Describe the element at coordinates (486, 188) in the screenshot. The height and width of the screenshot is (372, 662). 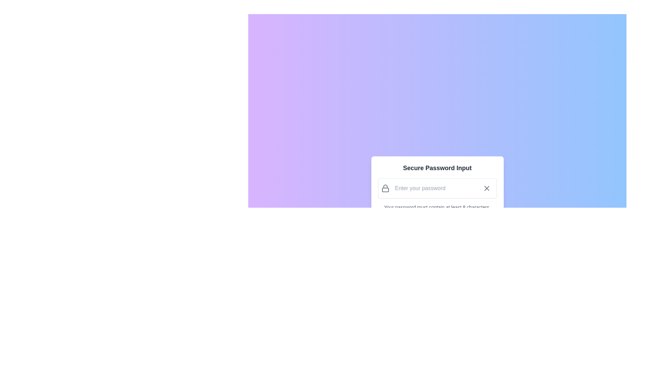
I see `the SVG-based 'X' icon located to the right of the 'Enter your password' input field to clear the associated input field` at that location.